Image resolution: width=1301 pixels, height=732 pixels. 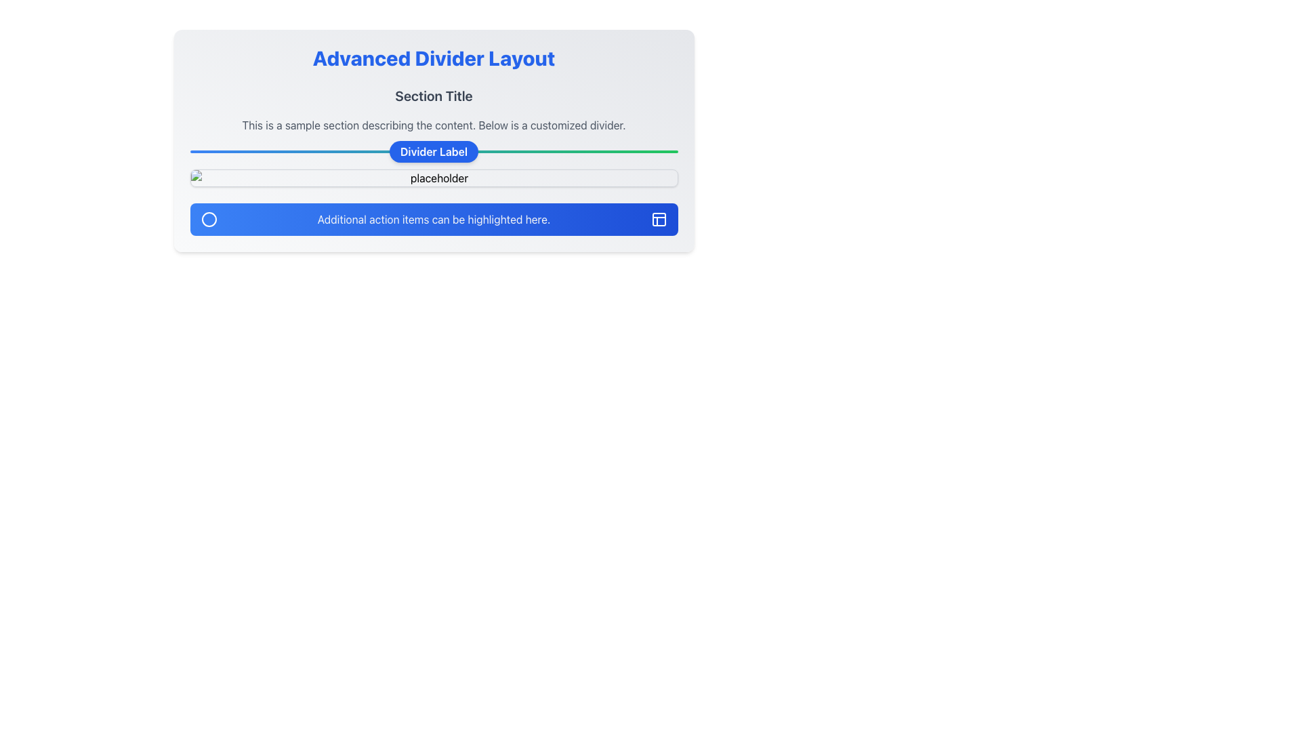 I want to click on the small white icon located in the bottom-right corner of the blue rectangular section labeled 'Additional action items can be highlighted here', so click(x=659, y=219).